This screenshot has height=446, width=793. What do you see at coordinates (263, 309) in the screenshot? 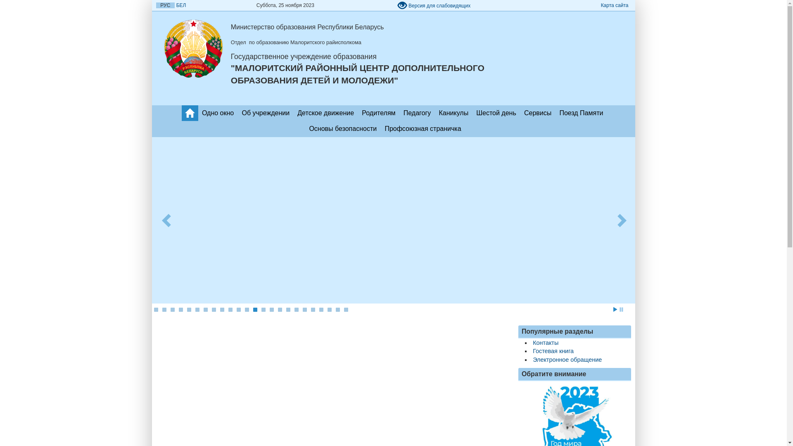
I see `'14'` at bounding box center [263, 309].